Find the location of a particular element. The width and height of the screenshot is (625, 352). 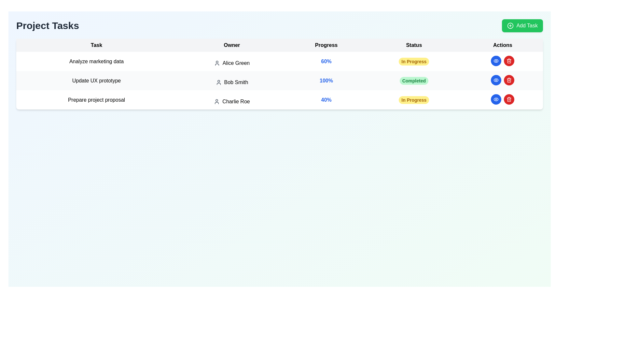

the text label displaying the title of a task, located in the first row under the header 'Task' in the task management table is located at coordinates (96, 61).